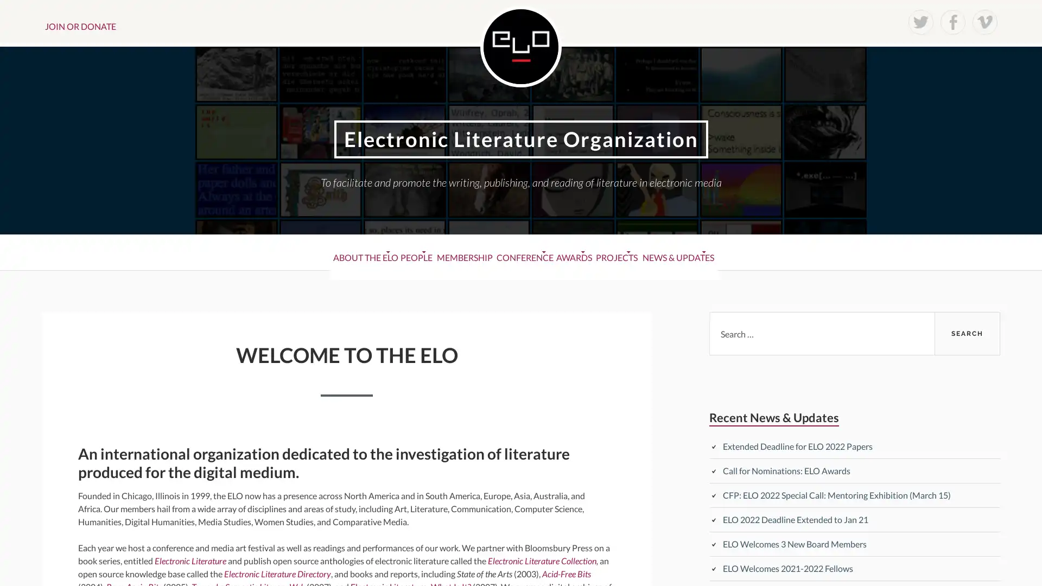 This screenshot has width=1042, height=586. What do you see at coordinates (967, 333) in the screenshot?
I see `Search` at bounding box center [967, 333].